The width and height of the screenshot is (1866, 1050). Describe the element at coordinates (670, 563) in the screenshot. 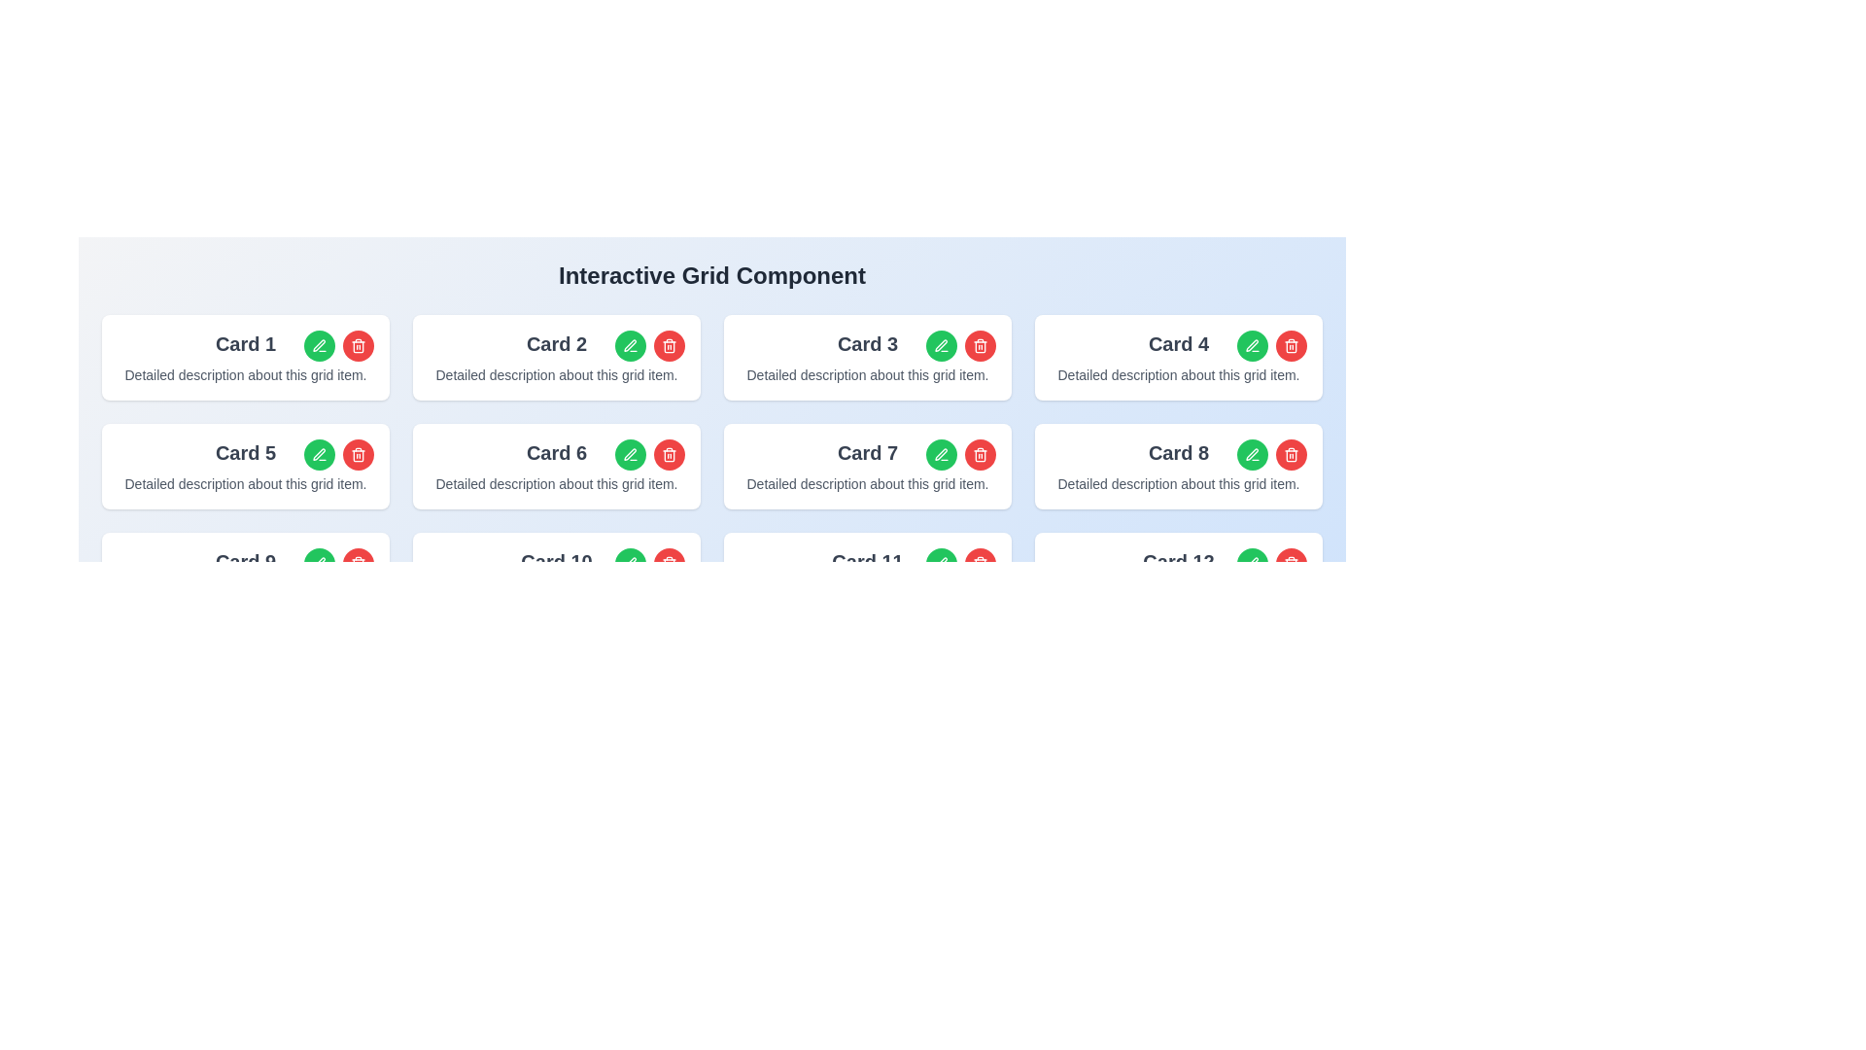

I see `the delete button located at the top-right corner of 'Card 10', which is the second button next to the green edit button` at that location.